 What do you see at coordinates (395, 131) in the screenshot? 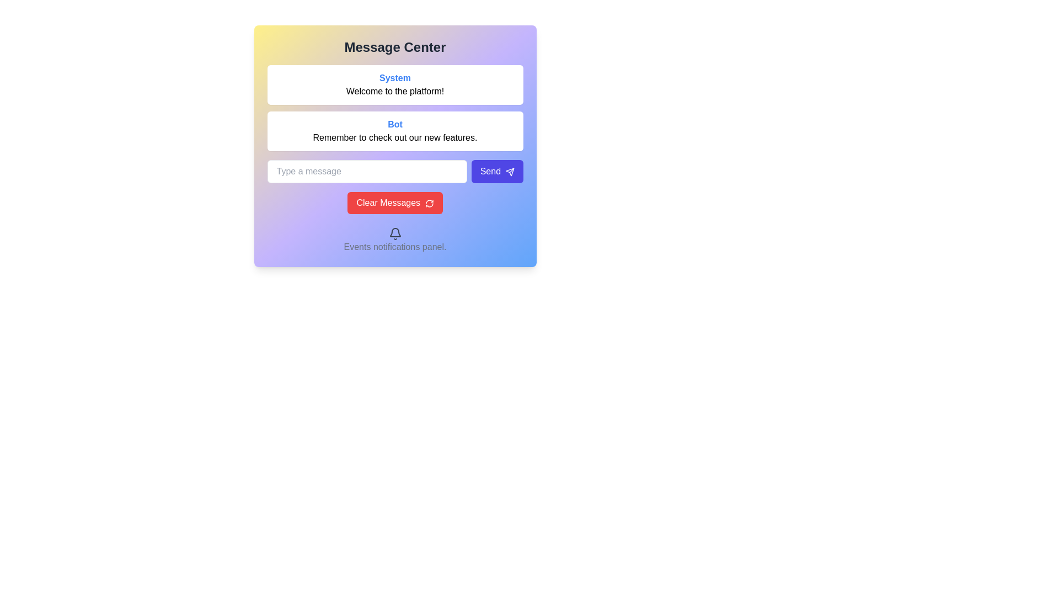
I see `the informational card containing the text 'Bot' in bold blue font and 'Remember to check out our new features.' in standard black font, located directly beneath the 'System' card` at bounding box center [395, 131].